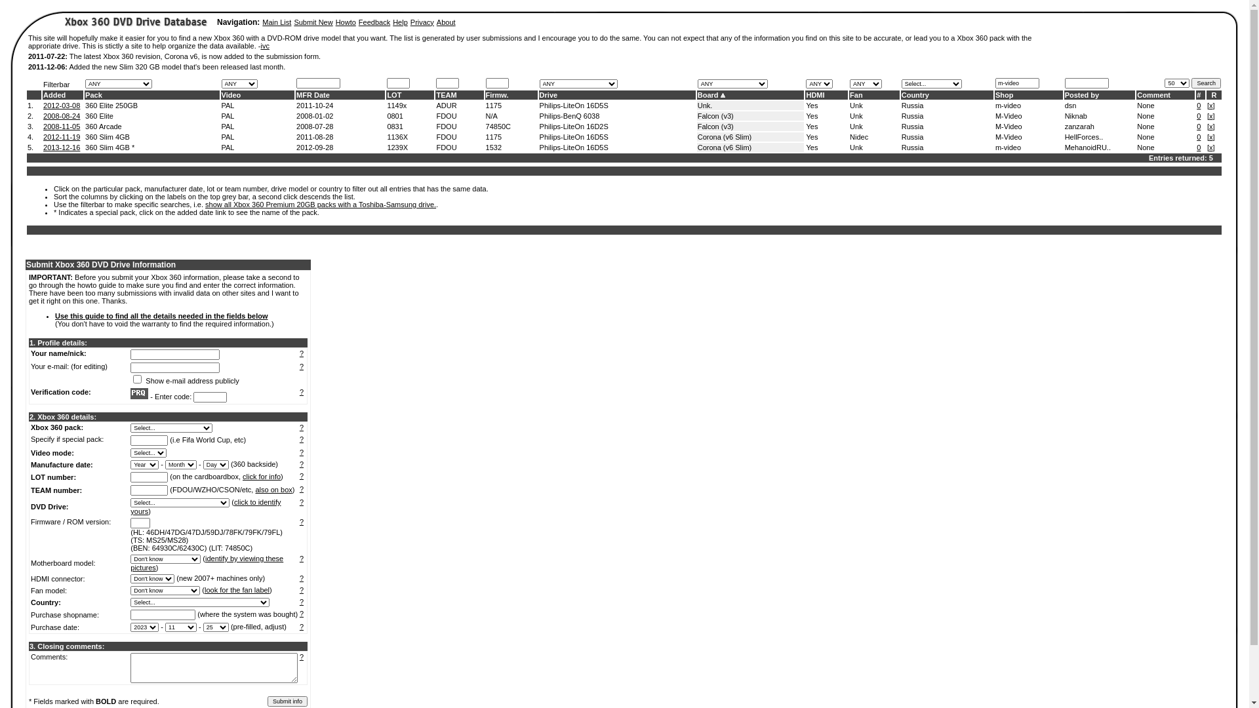  Describe the element at coordinates (1210, 105) in the screenshot. I see `'x'` at that location.